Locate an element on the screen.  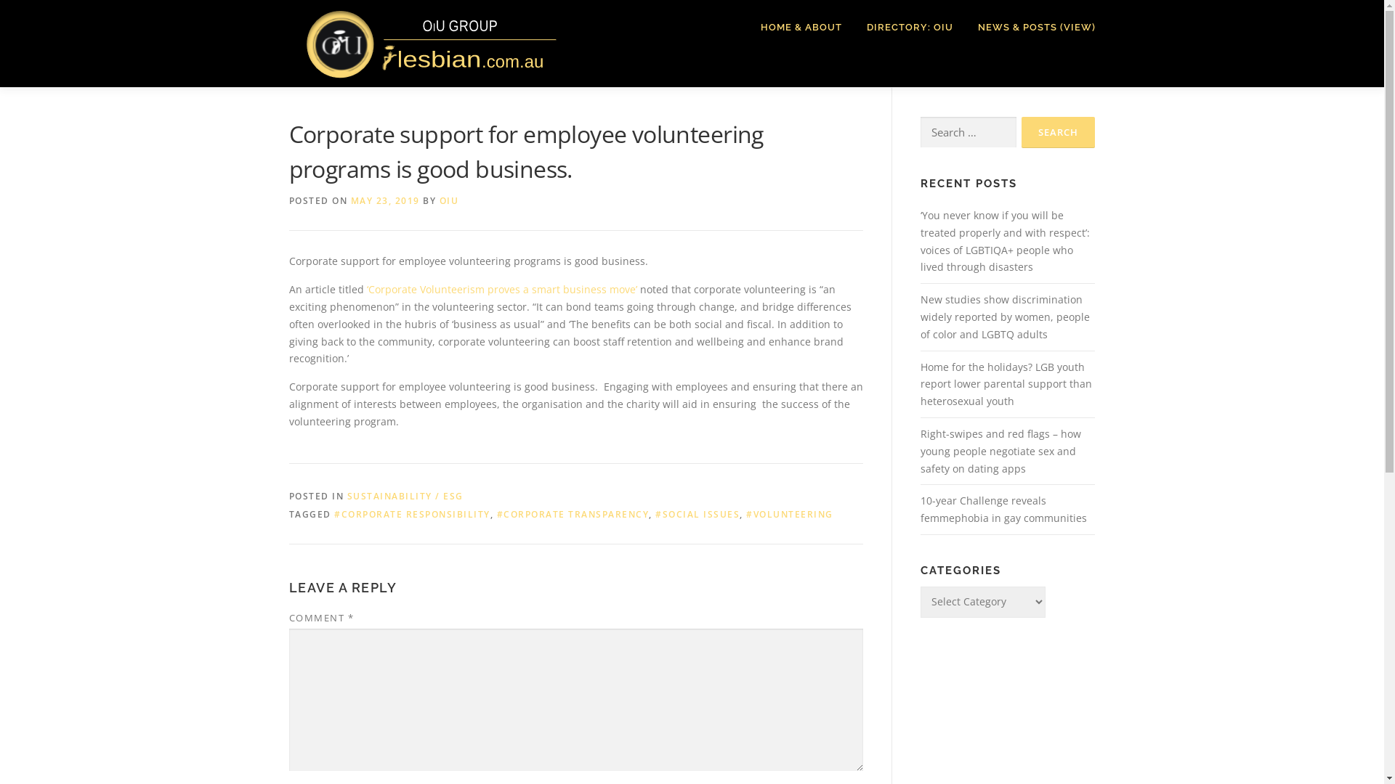
'10-year Challenge reveals femmephobia in gay communities' is located at coordinates (1002, 508).